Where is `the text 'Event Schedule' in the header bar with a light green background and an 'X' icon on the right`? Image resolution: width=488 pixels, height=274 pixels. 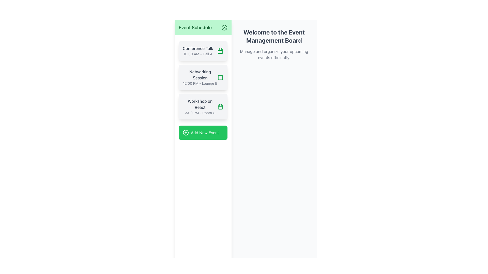 the text 'Event Schedule' in the header bar with a light green background and an 'X' icon on the right is located at coordinates (203, 27).